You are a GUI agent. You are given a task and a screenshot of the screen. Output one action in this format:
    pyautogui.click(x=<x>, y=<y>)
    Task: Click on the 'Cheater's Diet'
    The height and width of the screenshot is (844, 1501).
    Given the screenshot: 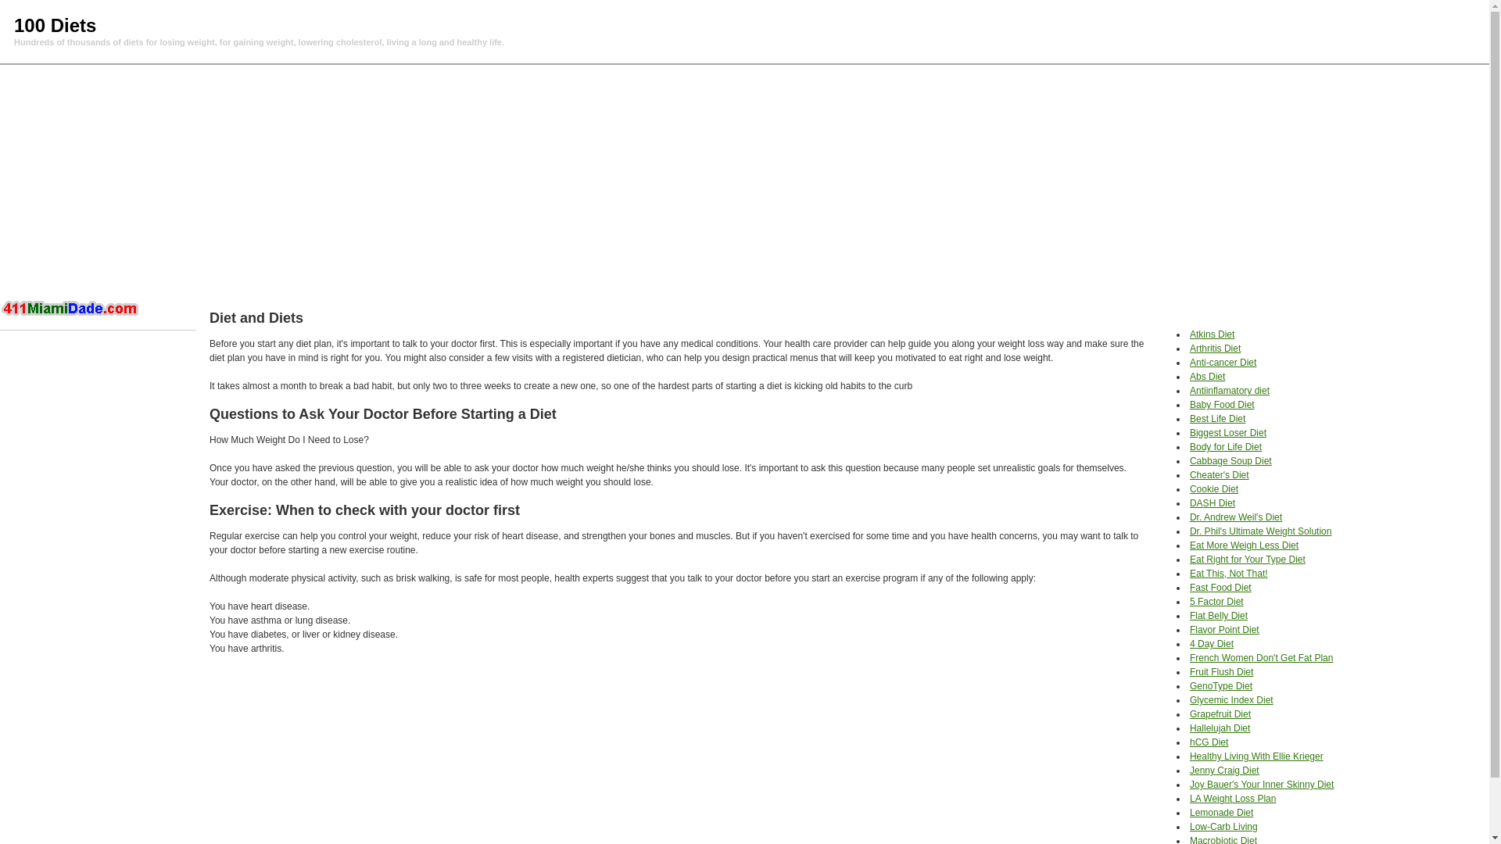 What is the action you would take?
    pyautogui.click(x=1219, y=474)
    